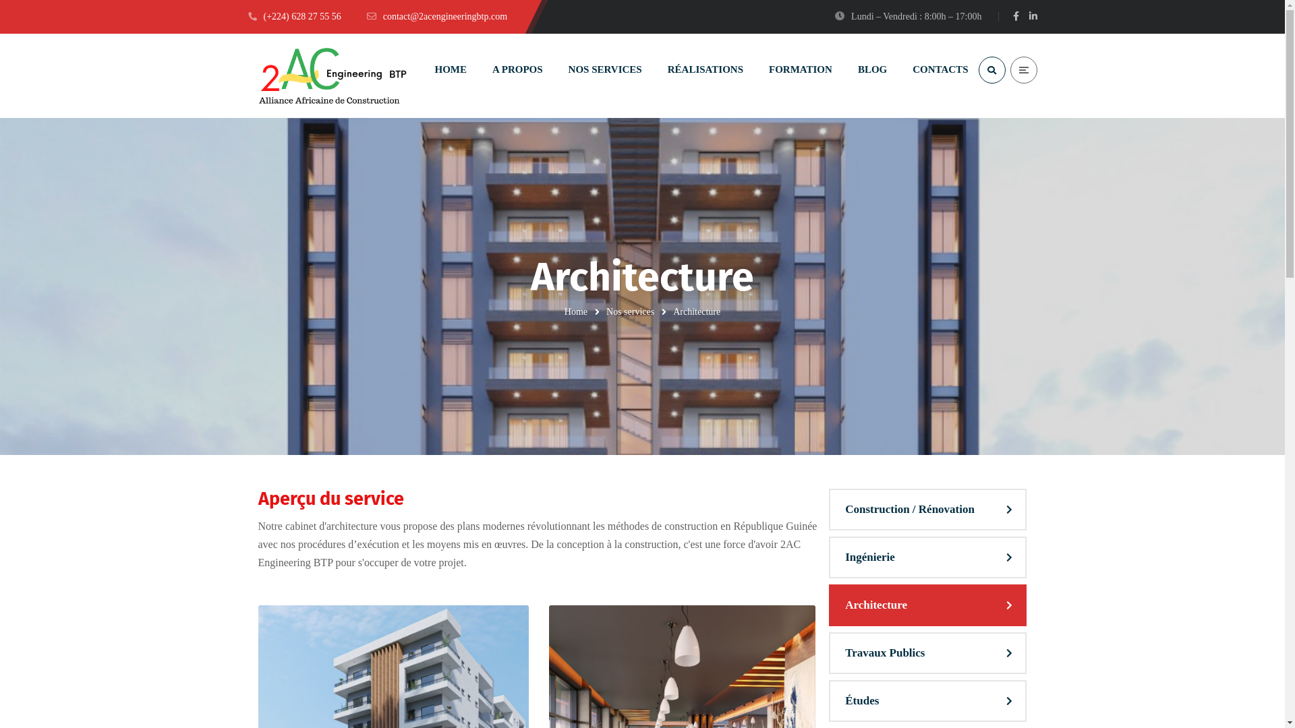  What do you see at coordinates (927, 605) in the screenshot?
I see `'Architecture'` at bounding box center [927, 605].